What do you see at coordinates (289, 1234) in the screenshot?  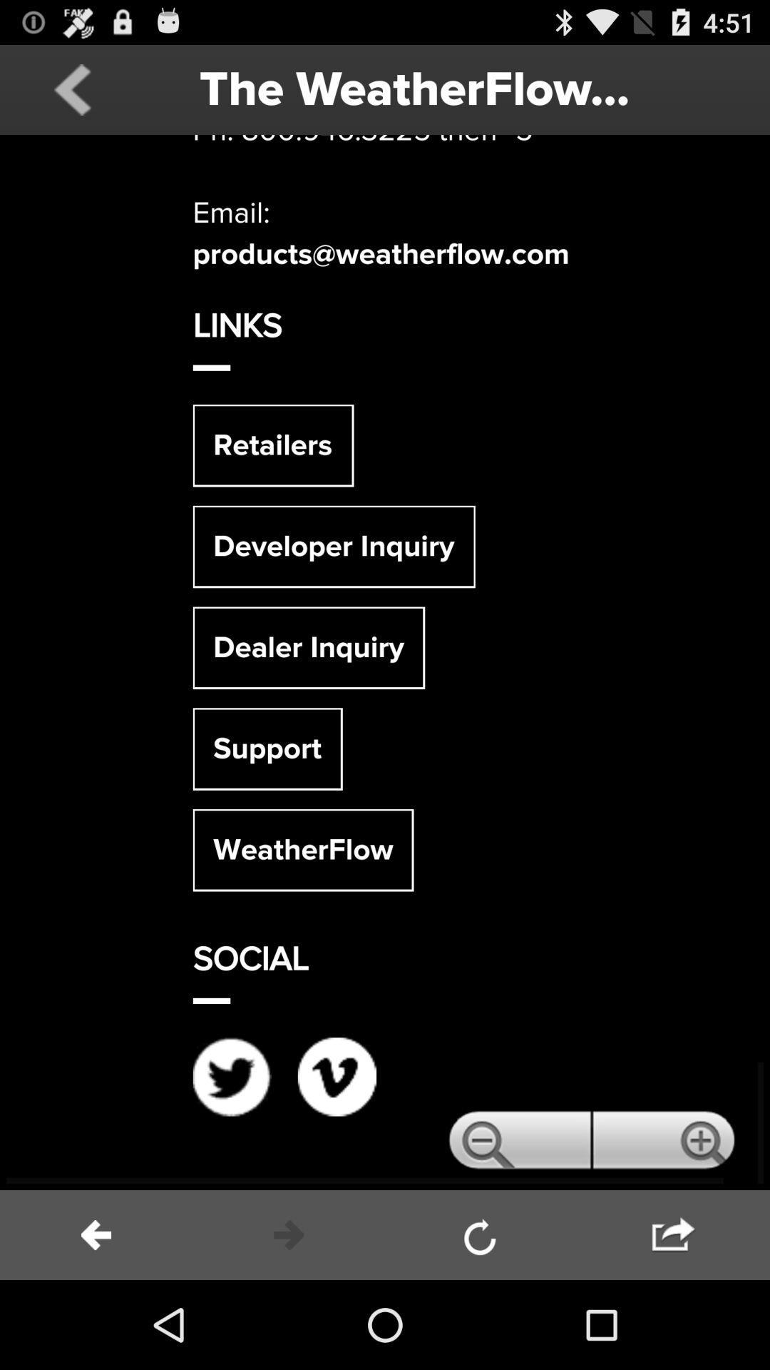 I see `advance forward` at bounding box center [289, 1234].